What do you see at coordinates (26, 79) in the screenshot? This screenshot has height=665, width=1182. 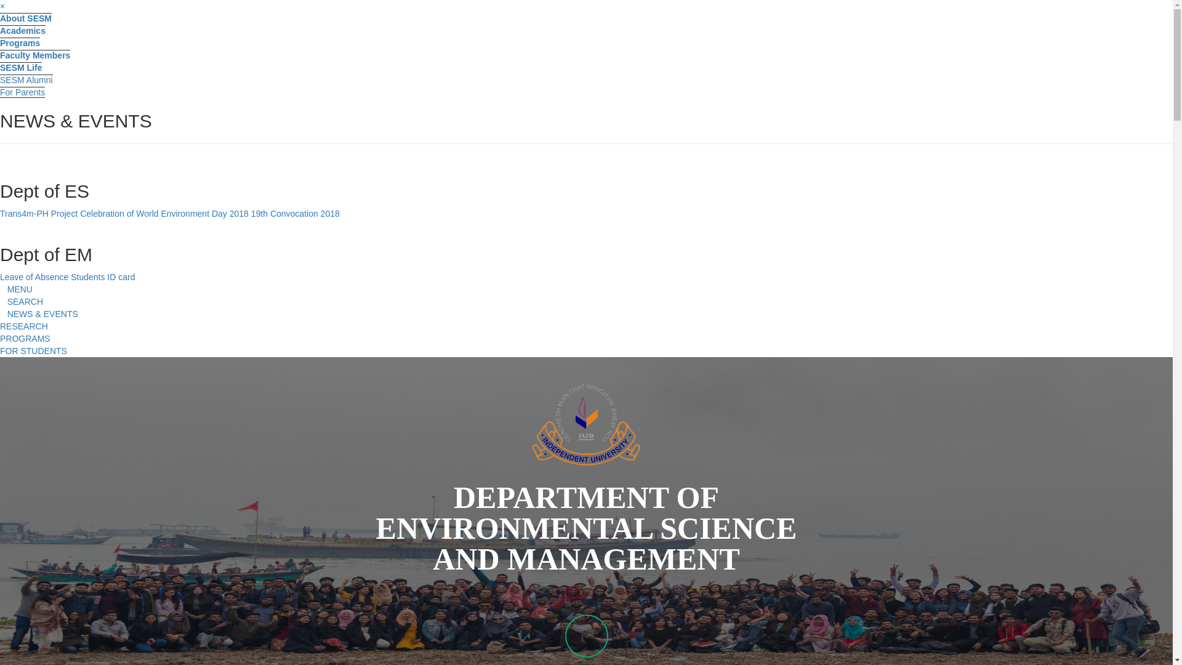 I see `'SESM Alumni'` at bounding box center [26, 79].